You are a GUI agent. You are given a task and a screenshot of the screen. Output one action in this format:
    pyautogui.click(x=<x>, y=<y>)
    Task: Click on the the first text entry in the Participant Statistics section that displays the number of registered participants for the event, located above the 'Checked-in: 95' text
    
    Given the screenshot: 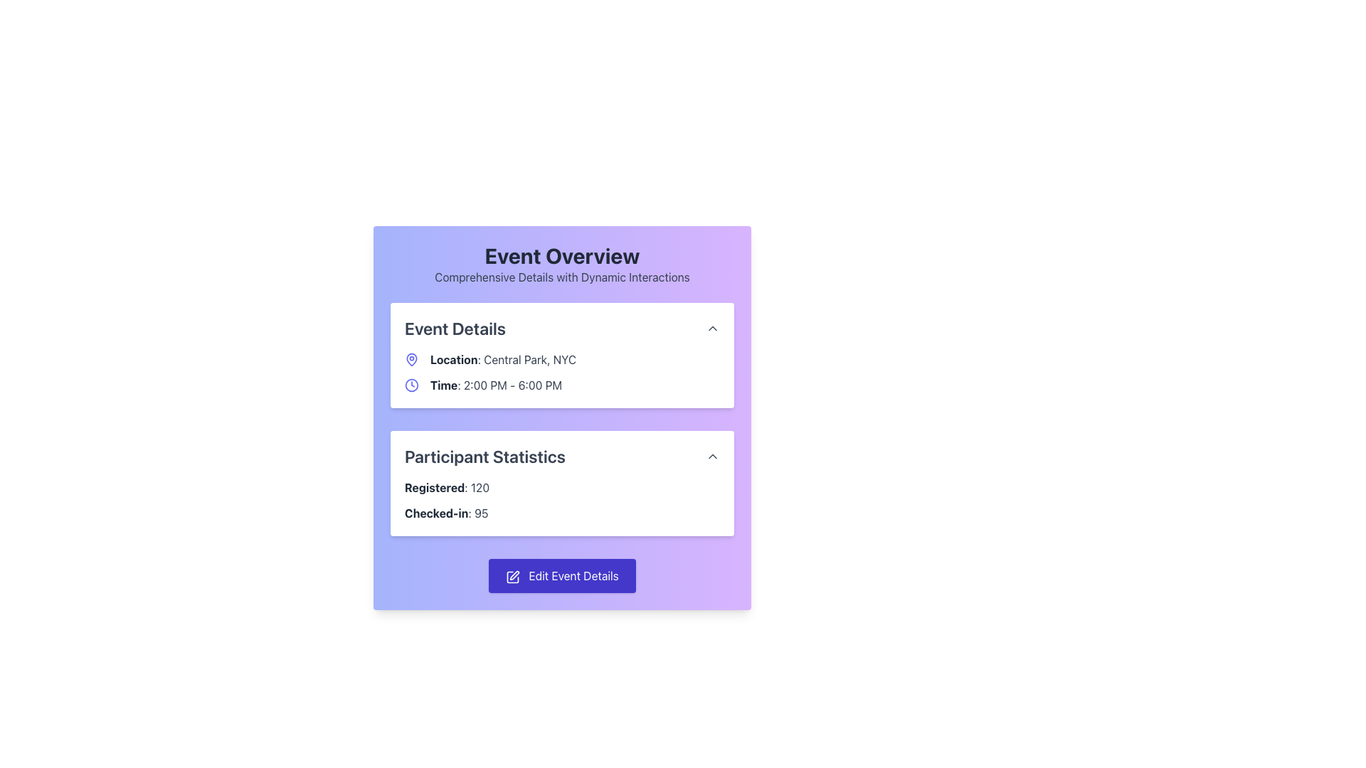 What is the action you would take?
    pyautogui.click(x=446, y=487)
    